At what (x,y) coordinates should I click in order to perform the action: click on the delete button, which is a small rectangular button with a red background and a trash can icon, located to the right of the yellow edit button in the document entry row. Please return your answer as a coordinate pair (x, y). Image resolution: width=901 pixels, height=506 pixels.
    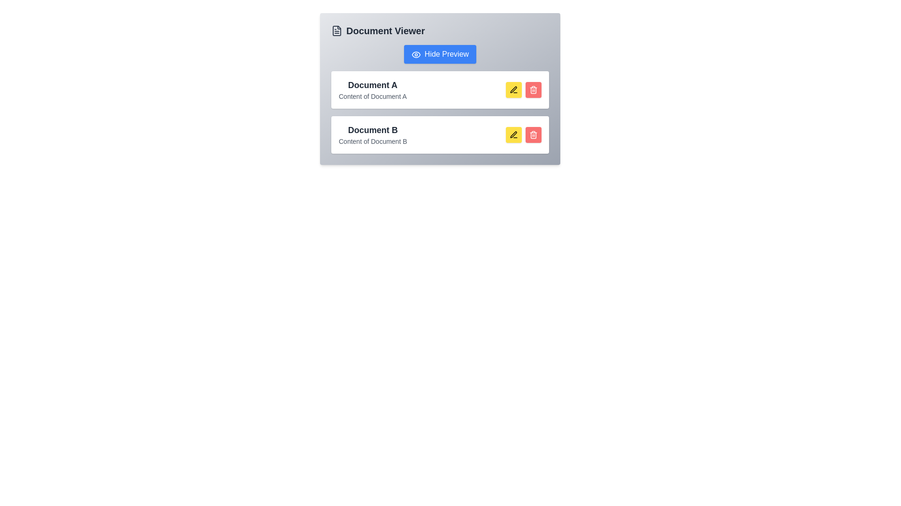
    Looking at the image, I should click on (534, 135).